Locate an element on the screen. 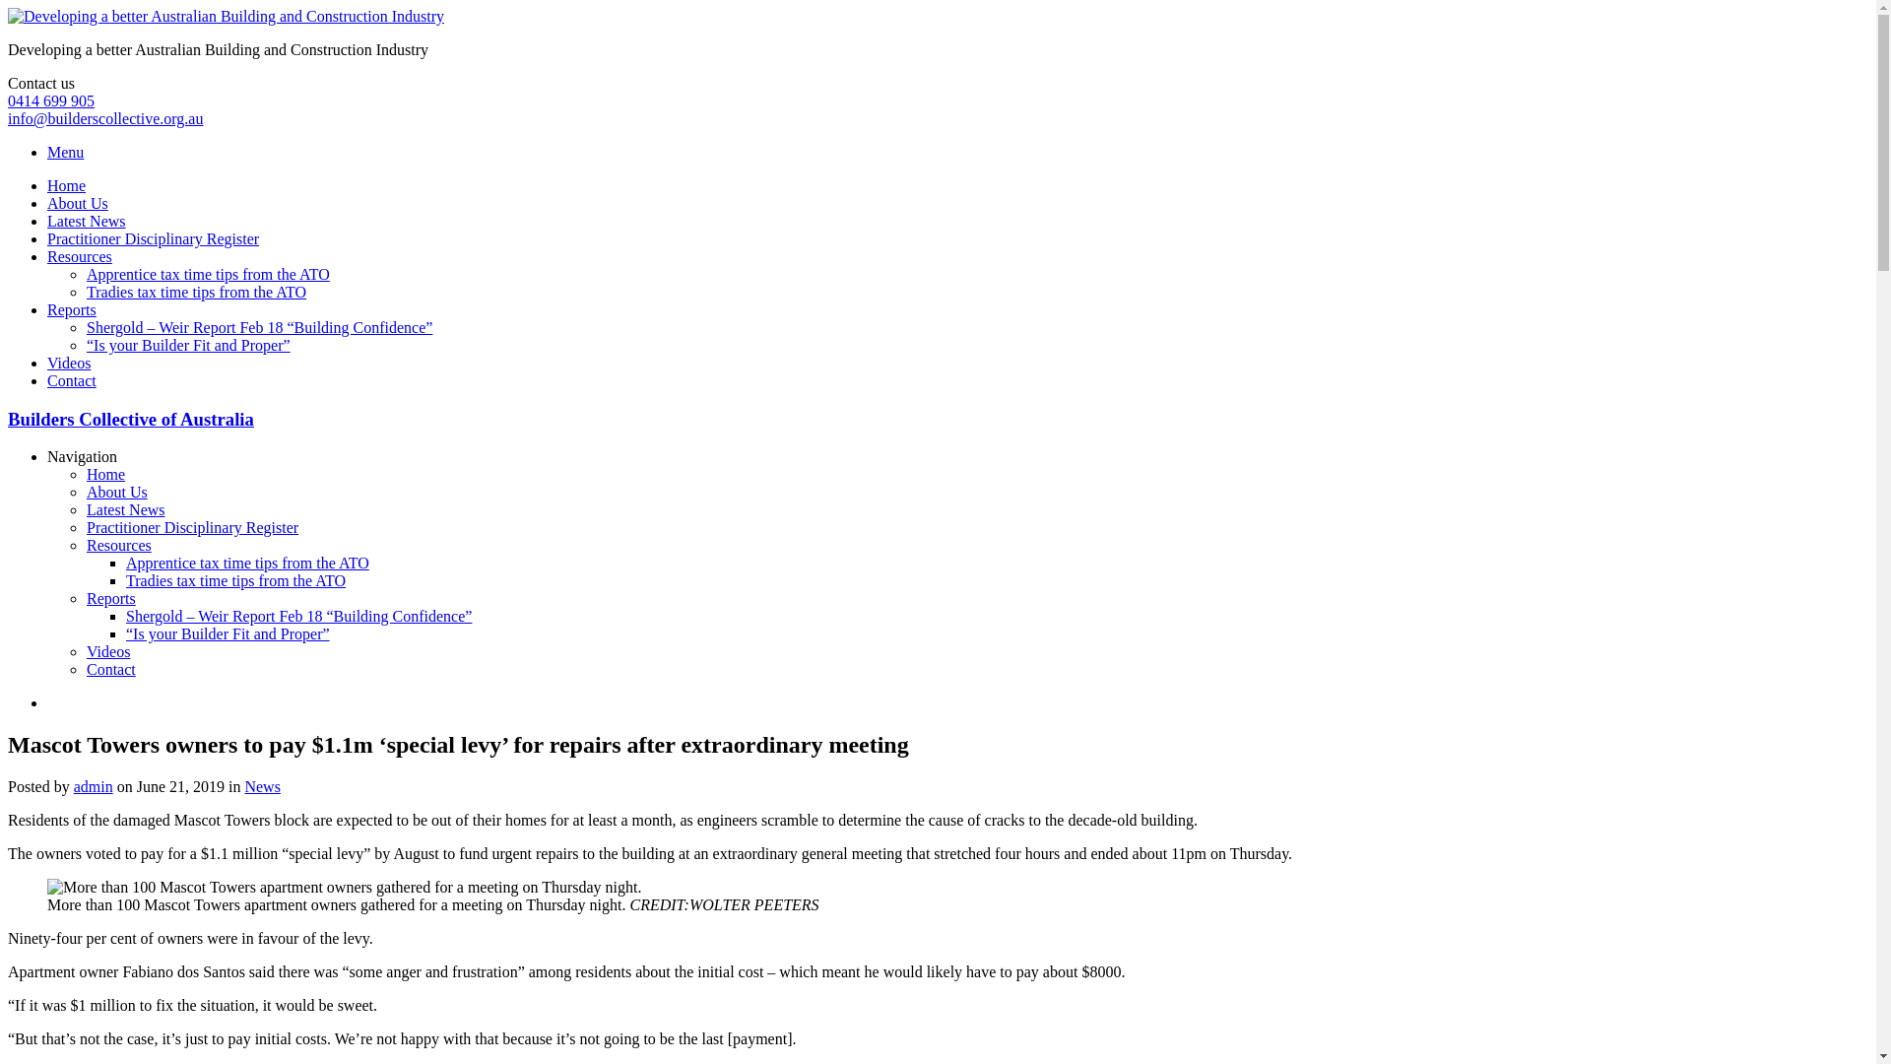 This screenshot has height=1064, width=1891. 'Practitioner Disciplinary Register' is located at coordinates (152, 237).